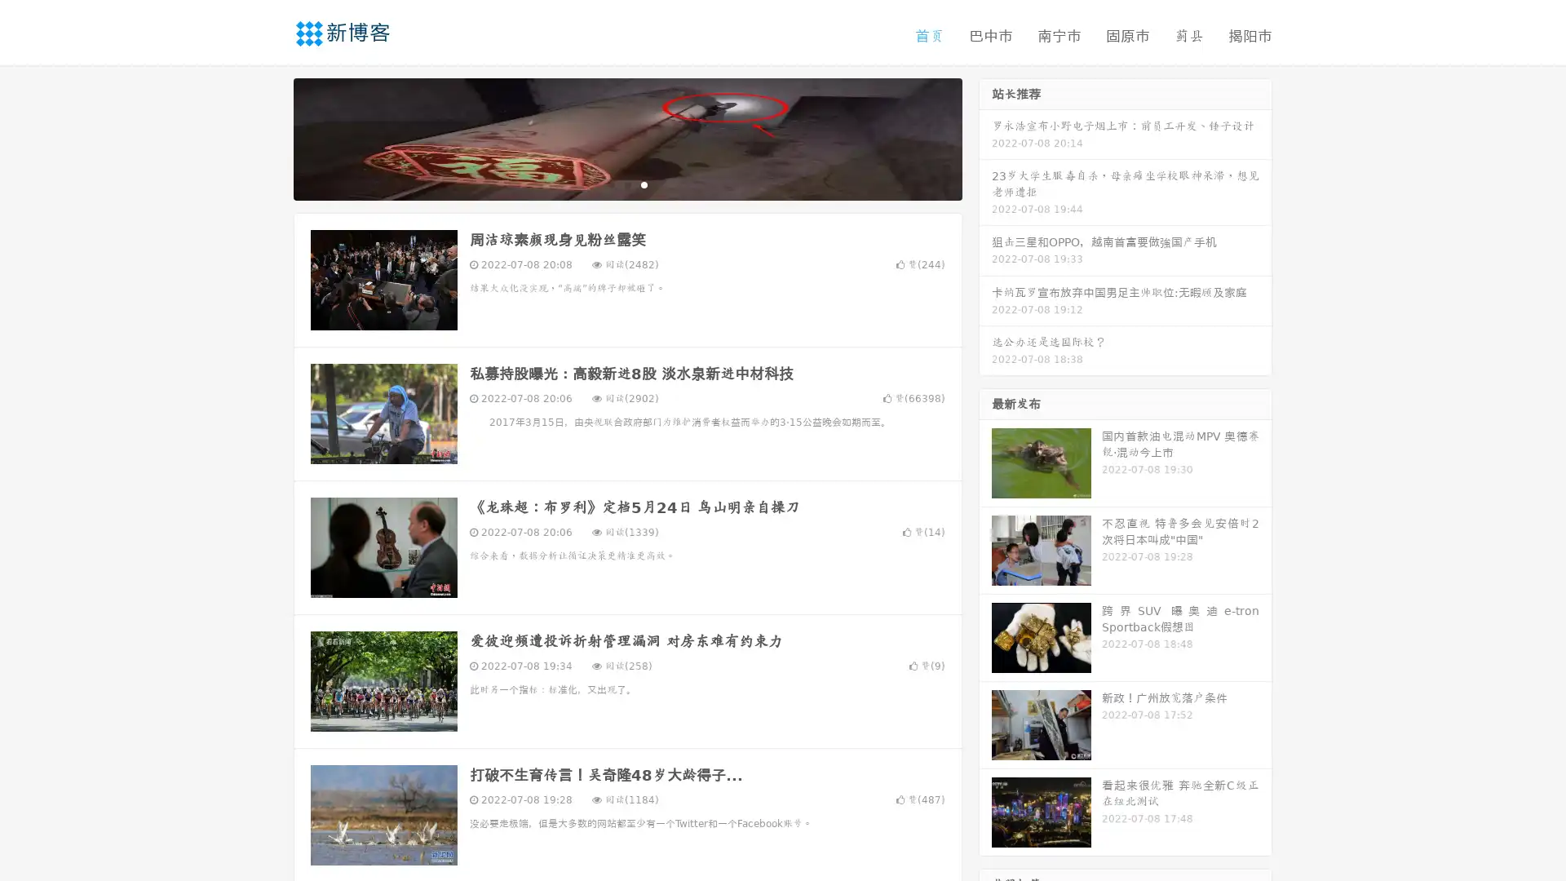  Describe the element at coordinates (985, 137) in the screenshot. I see `Next slide` at that location.